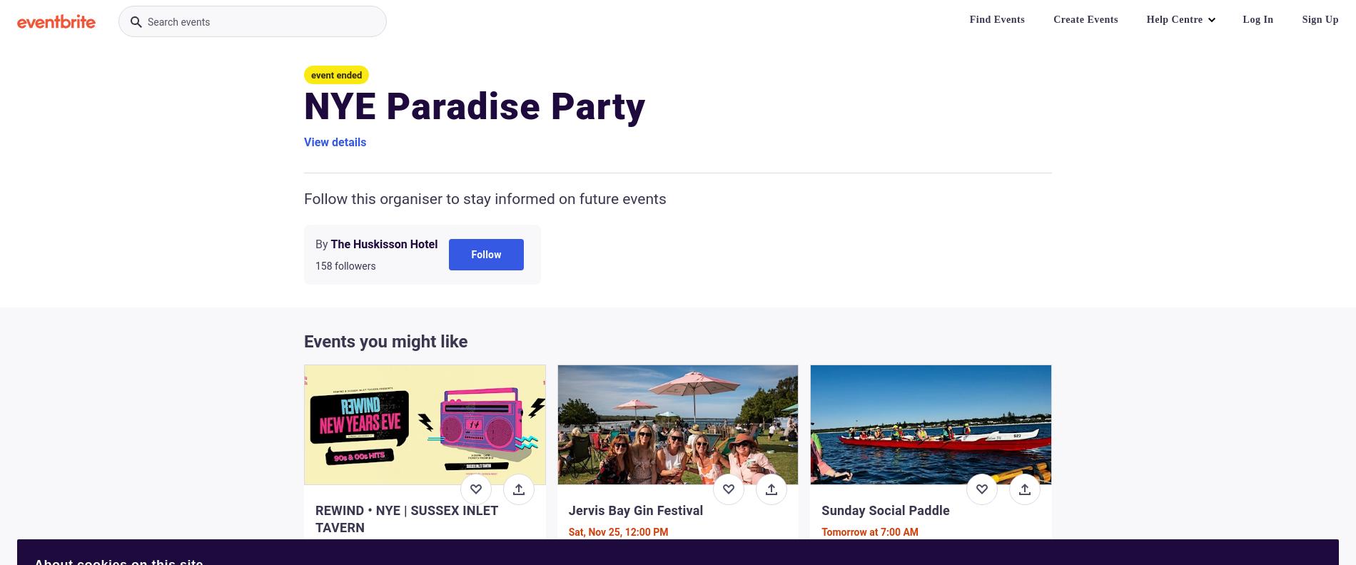 Image resolution: width=1356 pixels, height=565 pixels. I want to click on 'NYE Paradise Party', so click(475, 106).